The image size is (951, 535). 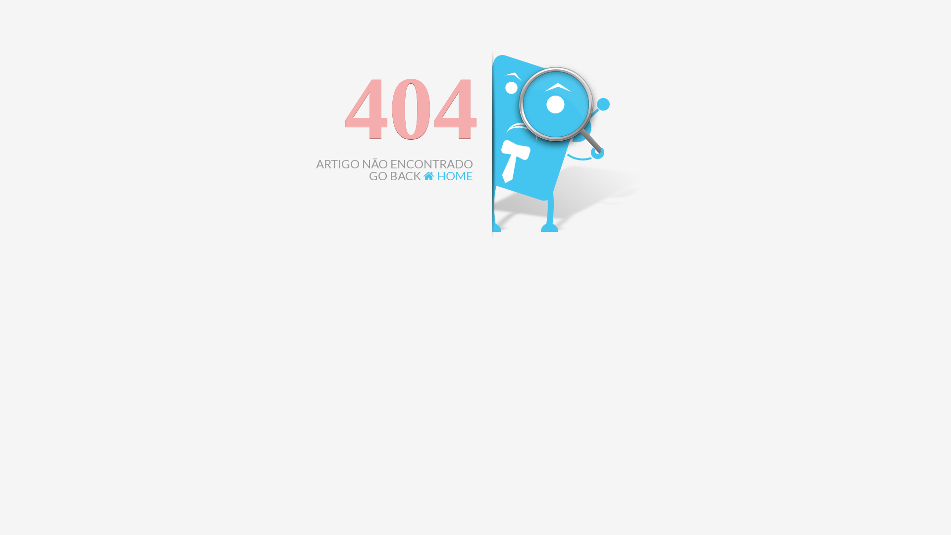 What do you see at coordinates (423, 175) in the screenshot?
I see `'HOME'` at bounding box center [423, 175].